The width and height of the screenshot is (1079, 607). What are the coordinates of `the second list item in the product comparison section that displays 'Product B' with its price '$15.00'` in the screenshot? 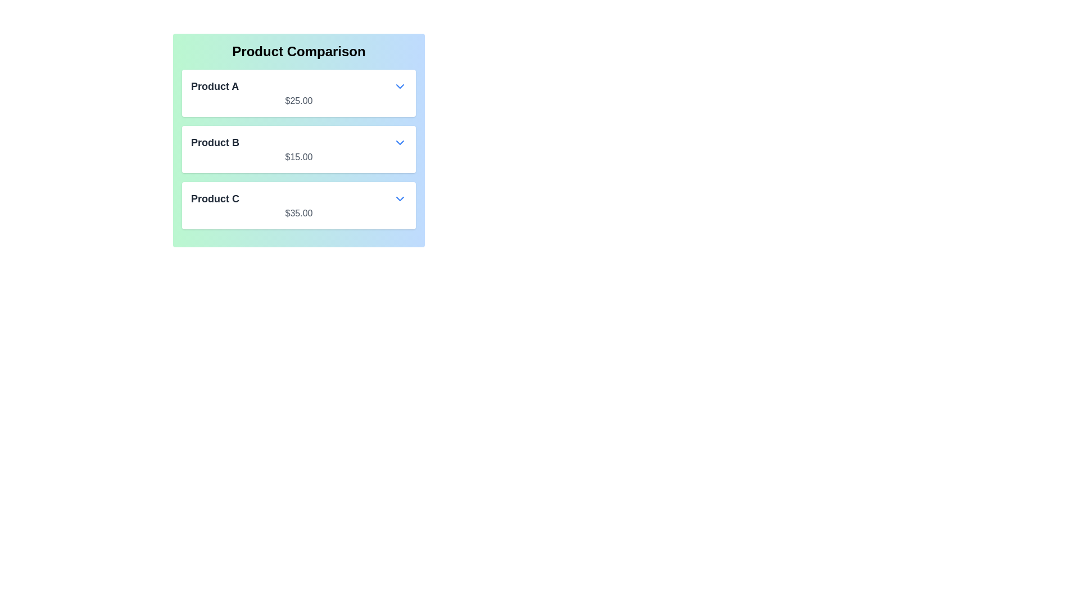 It's located at (299, 140).